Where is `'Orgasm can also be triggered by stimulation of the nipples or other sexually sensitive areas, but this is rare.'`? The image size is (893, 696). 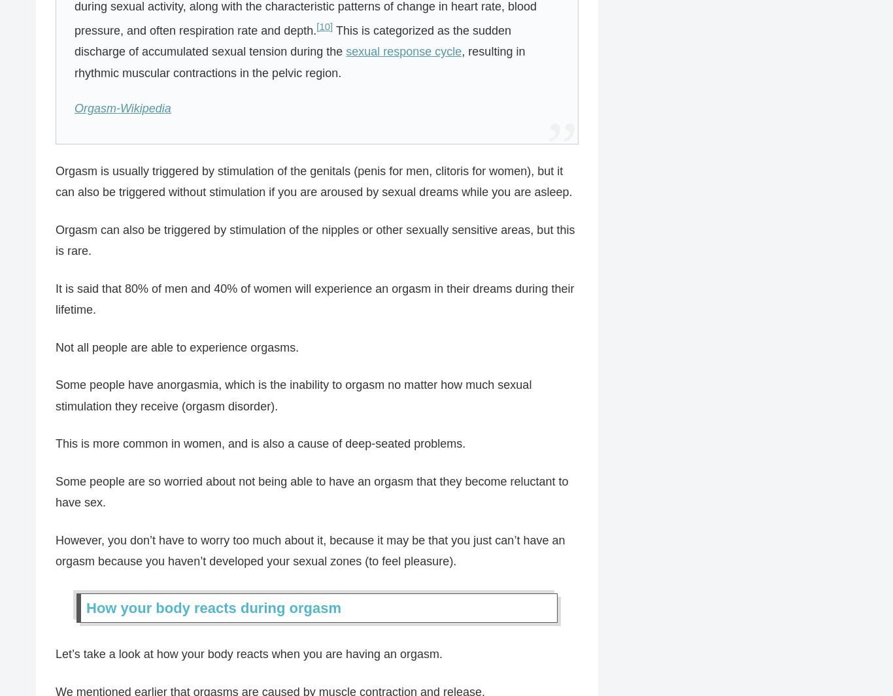
'Orgasm can also be triggered by stimulation of the nipples or other sexually sensitive areas, but this is rare.' is located at coordinates (315, 239).